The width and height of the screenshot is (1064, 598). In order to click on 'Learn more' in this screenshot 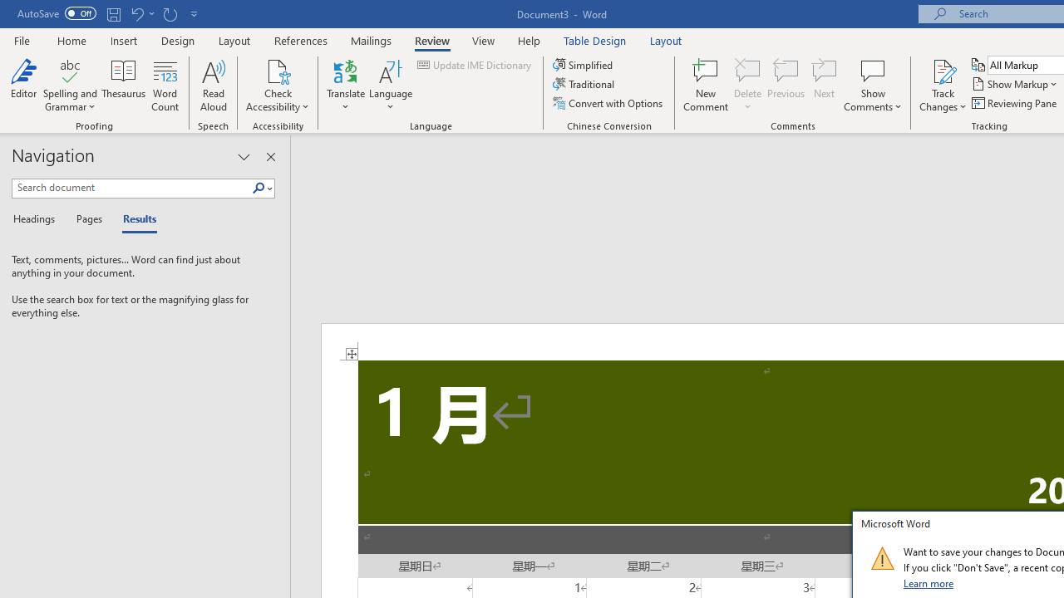, I will do `click(929, 582)`.